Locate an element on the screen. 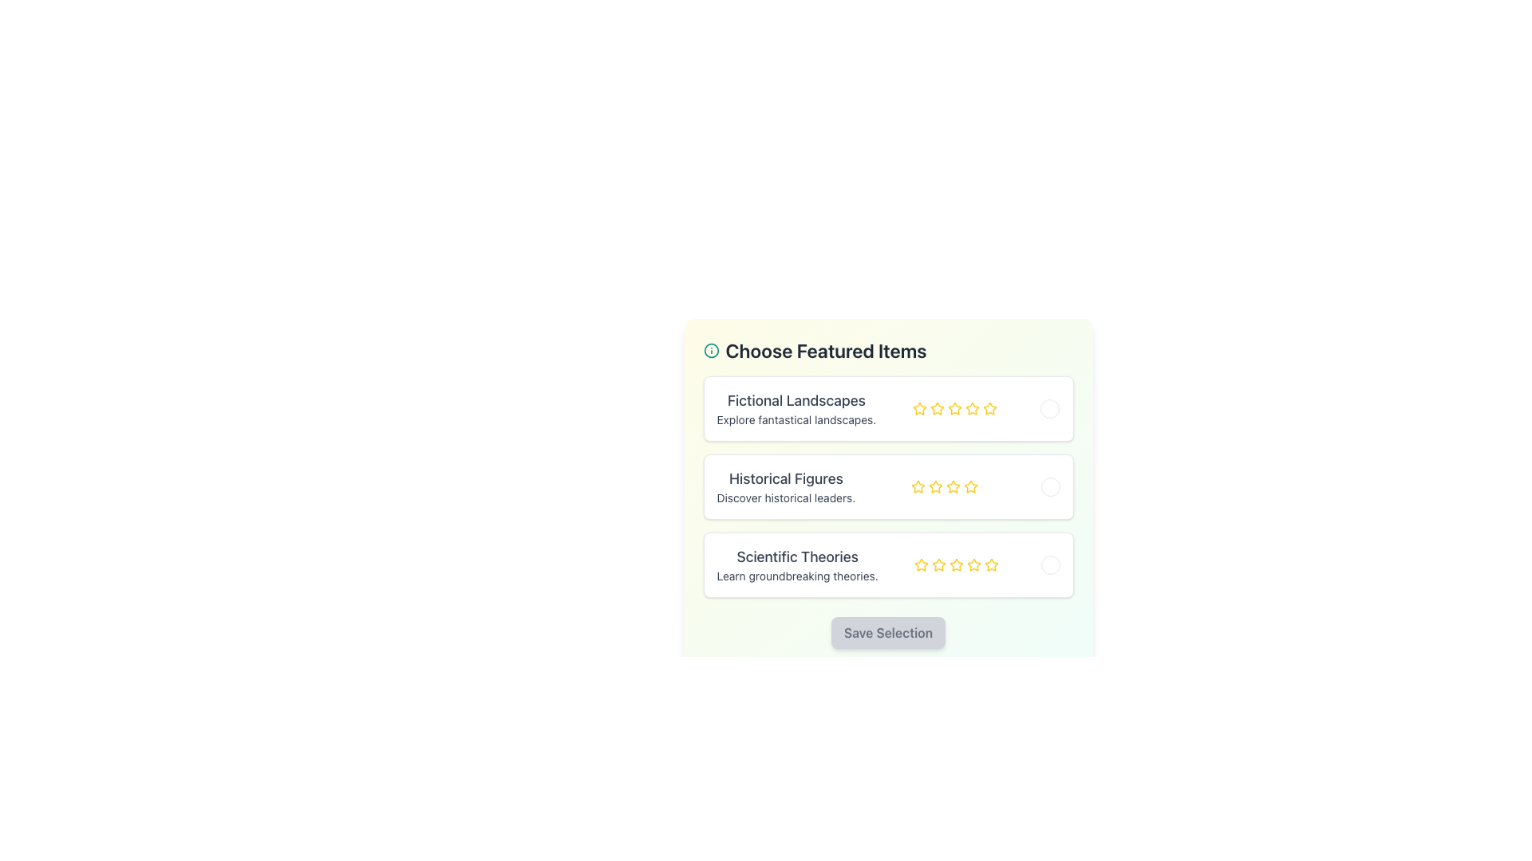  the fifth star icon (rightmost) in the row of rating stars for the item labeled 'Fictional Landscapes' to give a five-star rating is located at coordinates (989, 407).